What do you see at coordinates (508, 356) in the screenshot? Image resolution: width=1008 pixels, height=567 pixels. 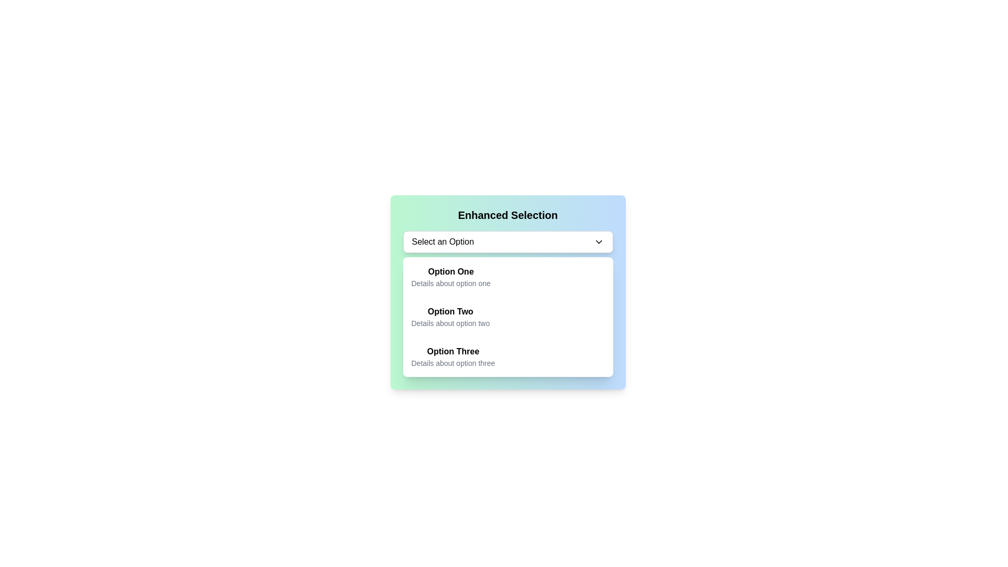 I see `the third selectable list item titled 'Option Three' under 'Enhanced Selection'` at bounding box center [508, 356].